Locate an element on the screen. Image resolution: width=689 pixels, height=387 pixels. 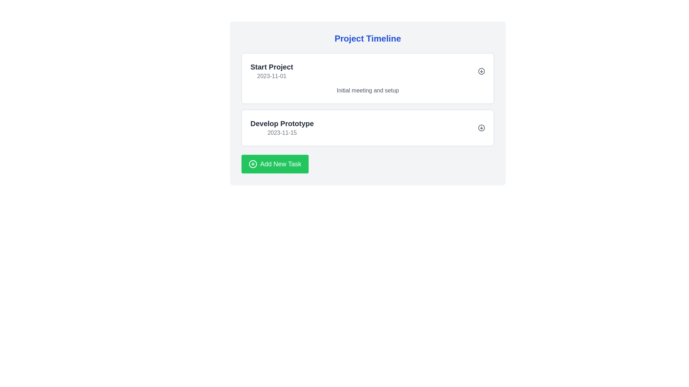
the static text label element displaying 'Develop Prototype' is located at coordinates (282, 123).